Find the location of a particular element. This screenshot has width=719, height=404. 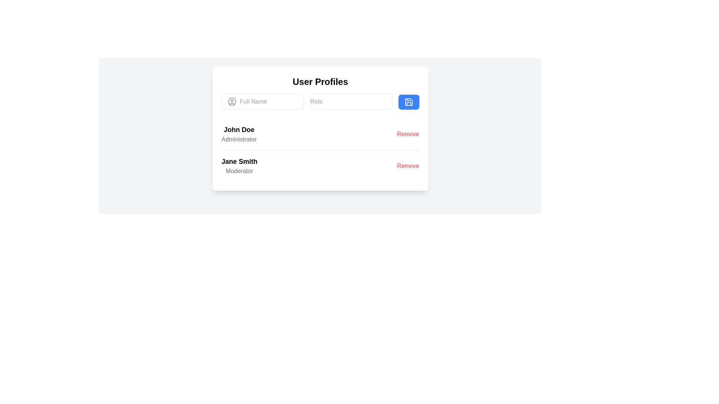

the text label displaying the name 'Jane Smith' in the user's profile information, which is located in the second list item of the user profiles list is located at coordinates (239, 161).